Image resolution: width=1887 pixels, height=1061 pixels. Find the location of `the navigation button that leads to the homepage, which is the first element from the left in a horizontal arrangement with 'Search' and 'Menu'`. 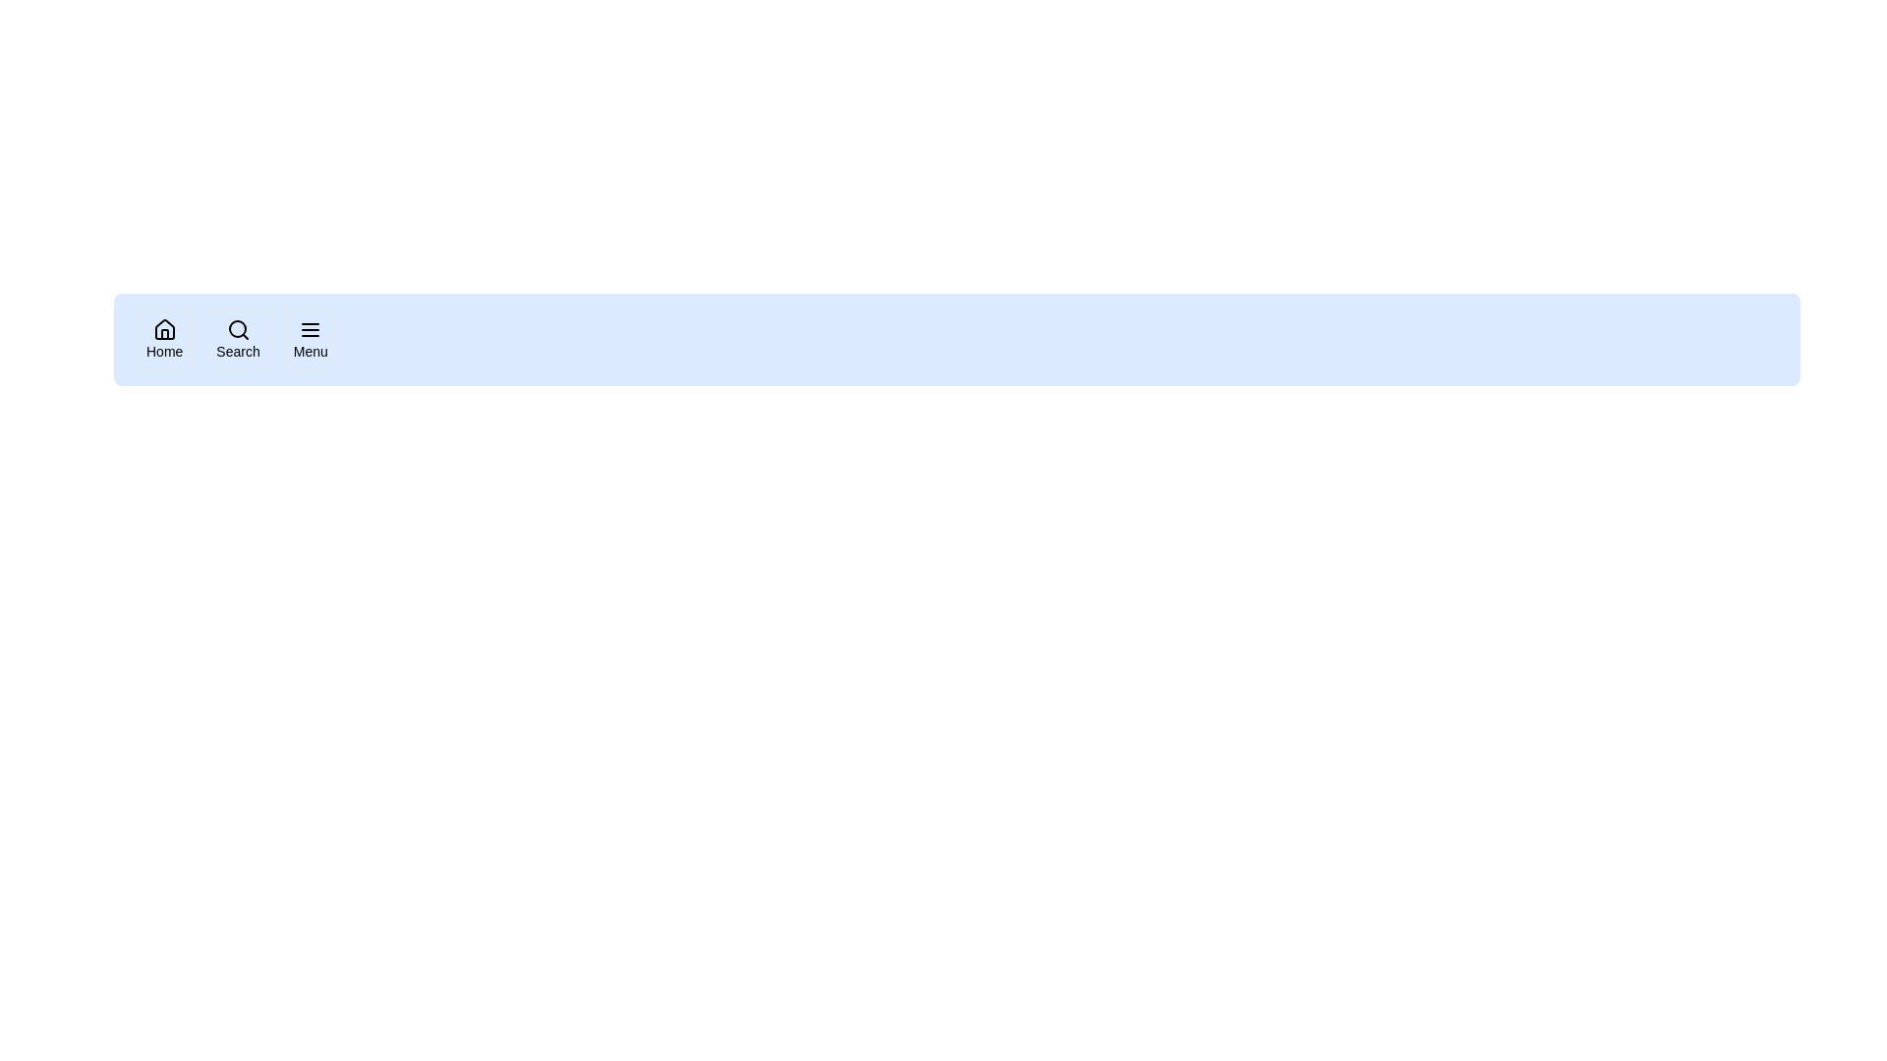

the navigation button that leads to the homepage, which is the first element from the left in a horizontal arrangement with 'Search' and 'Menu' is located at coordinates (164, 339).